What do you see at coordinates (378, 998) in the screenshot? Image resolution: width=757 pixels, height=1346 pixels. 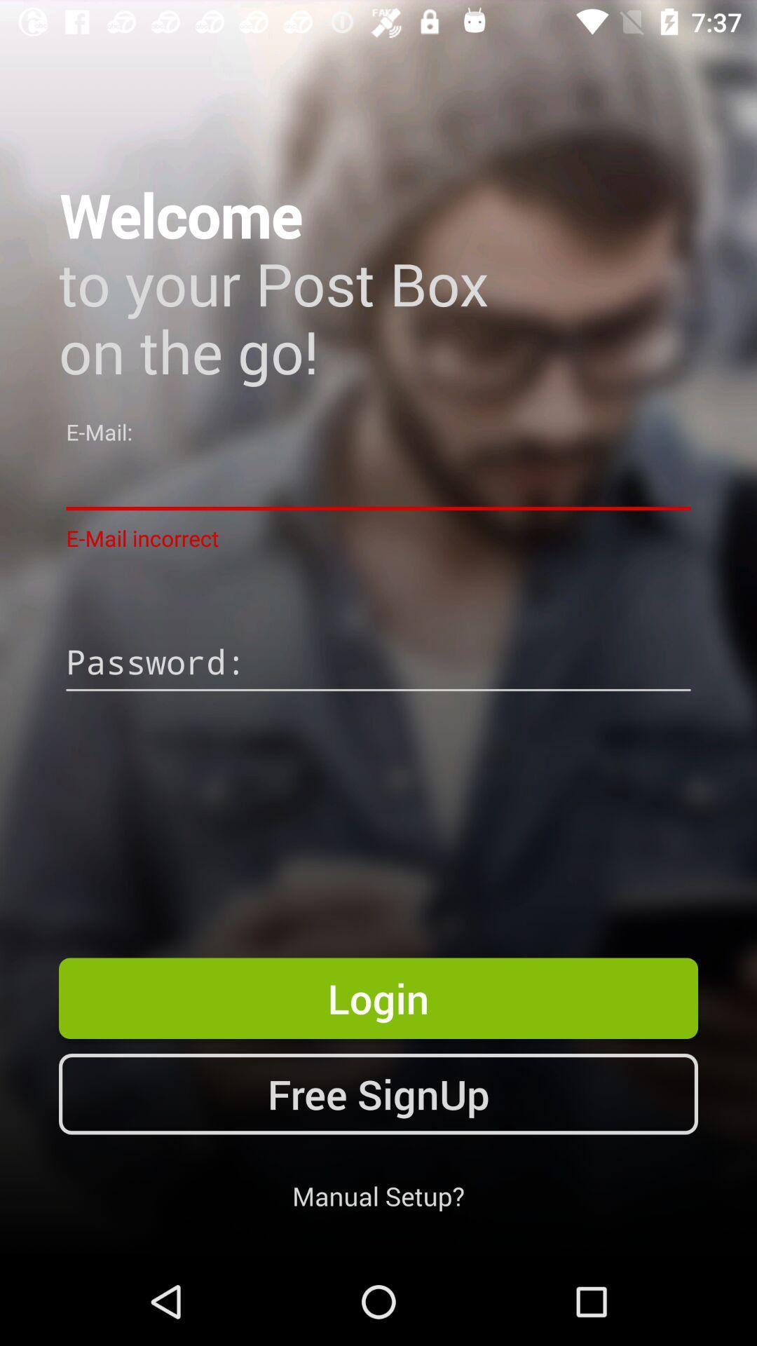 I see `the item above free signup icon` at bounding box center [378, 998].